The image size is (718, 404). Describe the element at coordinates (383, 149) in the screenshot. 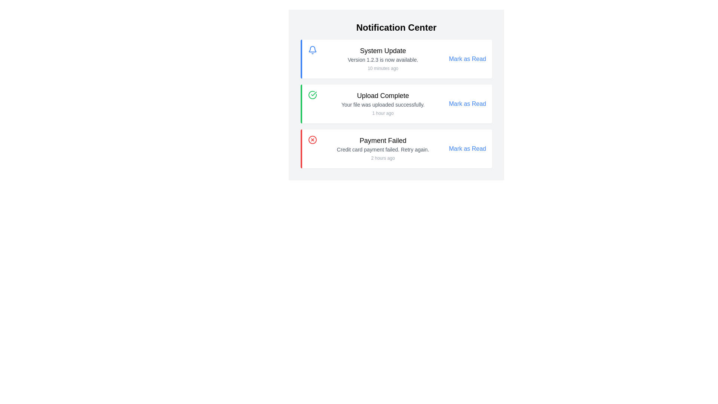

I see `notification content displayed in the text block regarding the failed credit card payment attempt, located in the bottom-left section of the Notification Center` at that location.